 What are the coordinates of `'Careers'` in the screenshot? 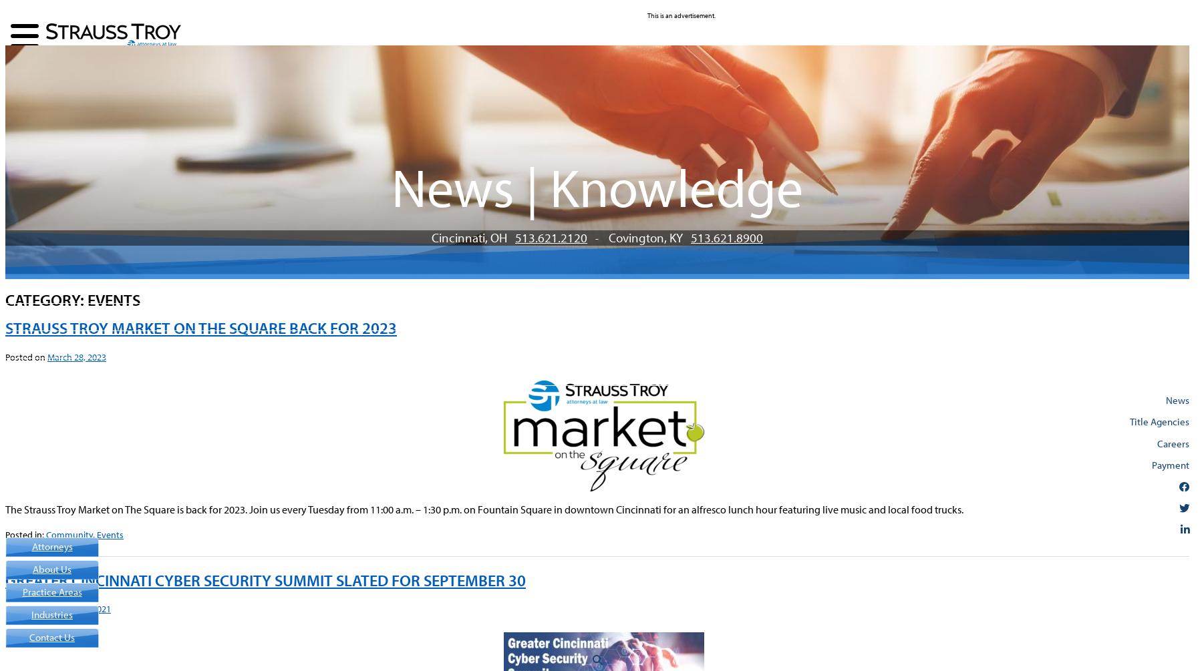 It's located at (1173, 441).